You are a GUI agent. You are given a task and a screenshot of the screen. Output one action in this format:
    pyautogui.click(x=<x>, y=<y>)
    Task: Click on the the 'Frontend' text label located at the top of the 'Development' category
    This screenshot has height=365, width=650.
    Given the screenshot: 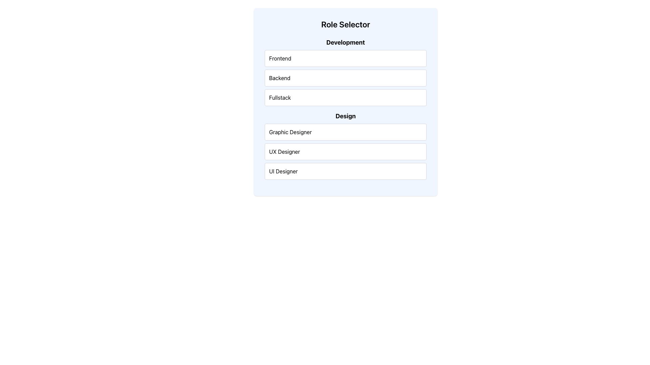 What is the action you would take?
    pyautogui.click(x=280, y=58)
    